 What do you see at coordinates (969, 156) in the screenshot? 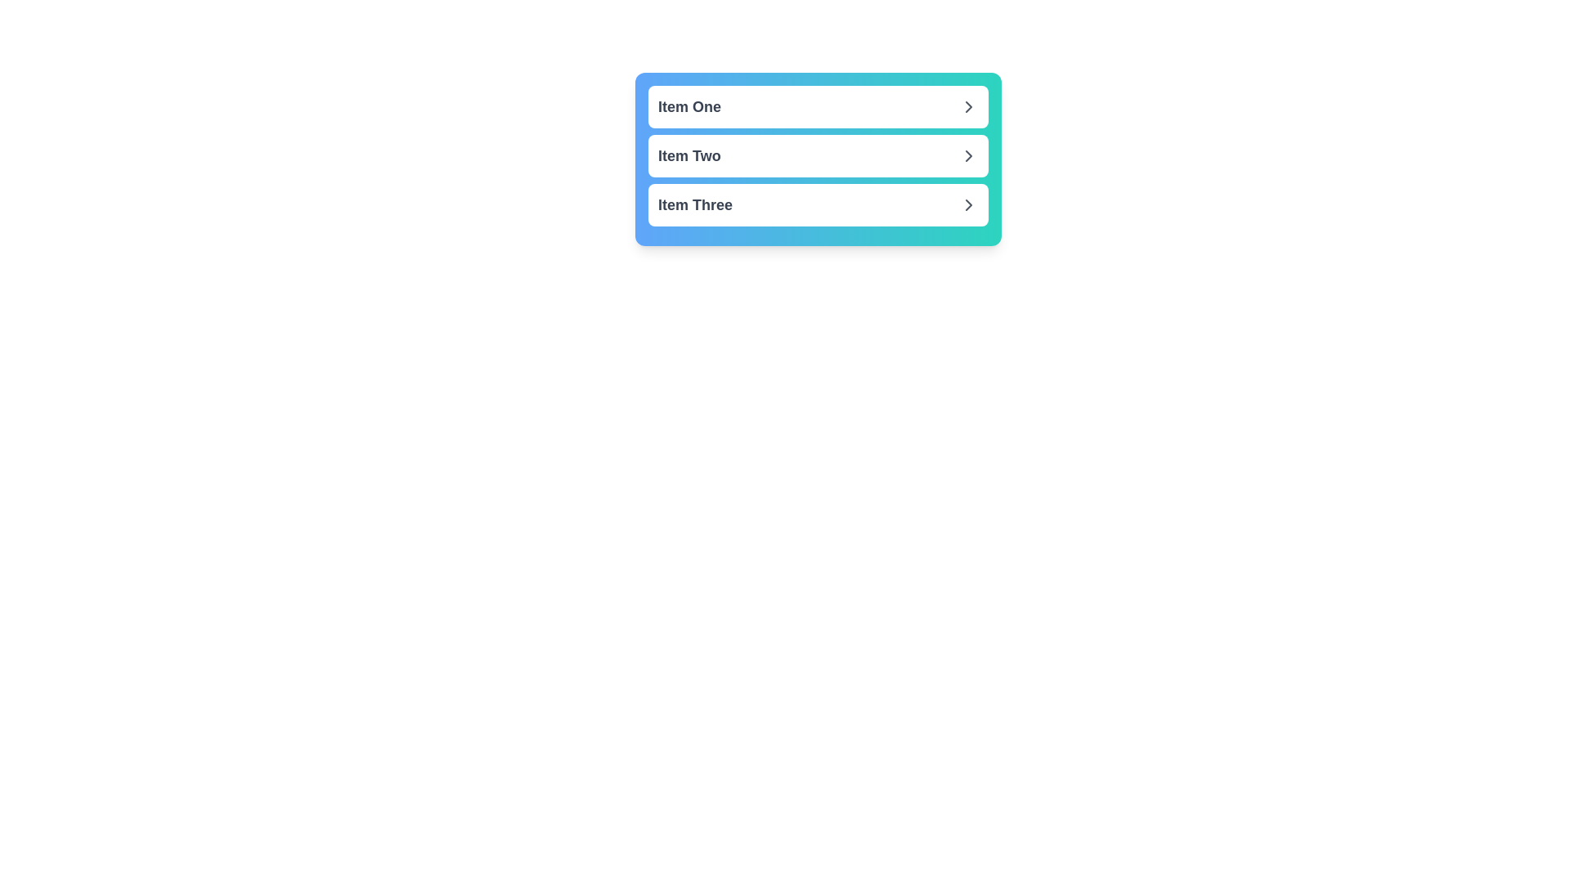
I see `the arrow SVG icon located at the rightmost part of the menu, which is the second item following 'Item Two'` at bounding box center [969, 156].